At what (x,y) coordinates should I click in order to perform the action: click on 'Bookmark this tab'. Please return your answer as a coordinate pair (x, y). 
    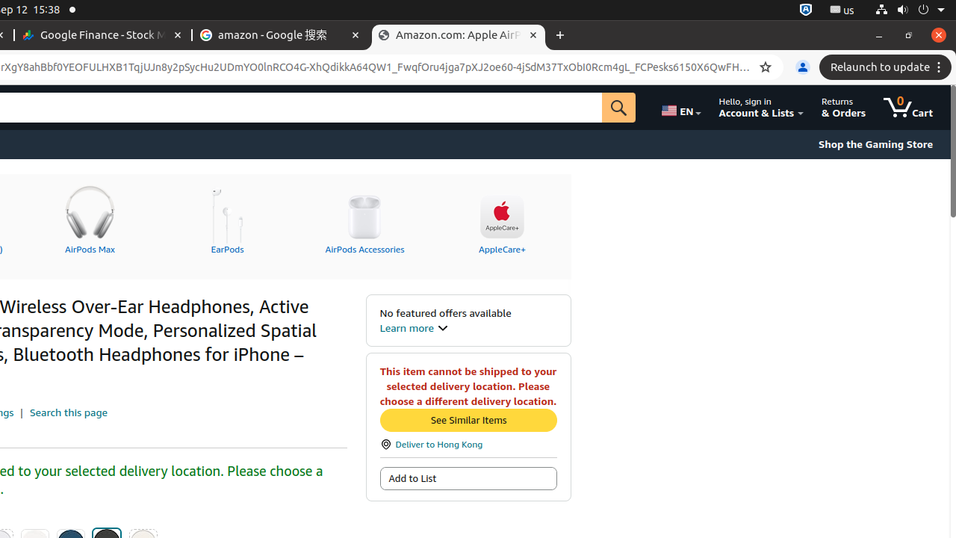
    Looking at the image, I should click on (766, 67).